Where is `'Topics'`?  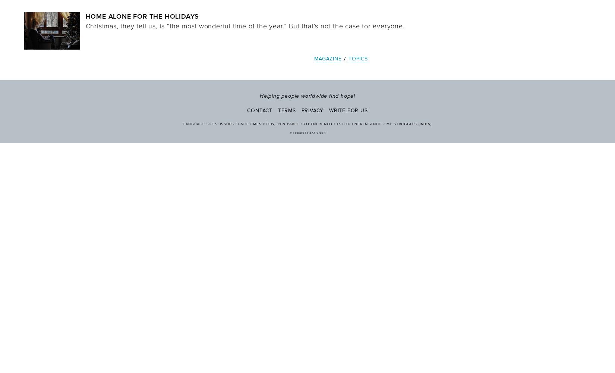
'Topics' is located at coordinates (358, 58).